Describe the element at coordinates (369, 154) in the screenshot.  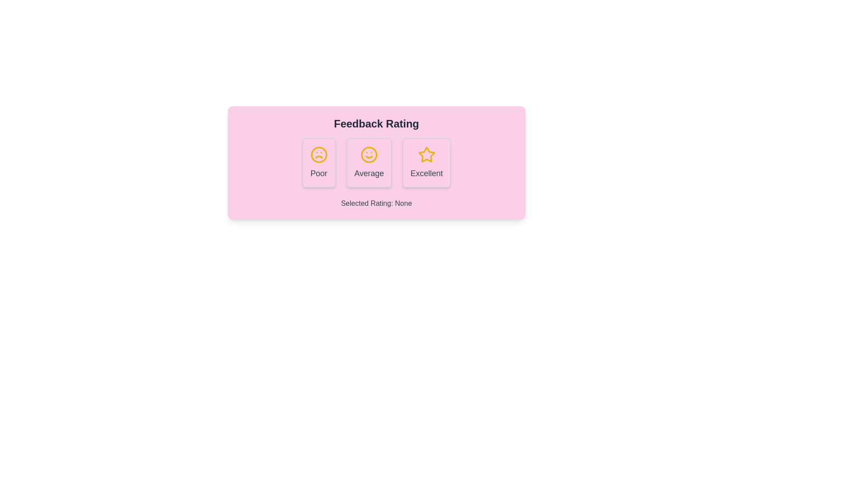
I see `the yellow circle representing the outer boundary of the smiley face in the SVG graphic` at that location.